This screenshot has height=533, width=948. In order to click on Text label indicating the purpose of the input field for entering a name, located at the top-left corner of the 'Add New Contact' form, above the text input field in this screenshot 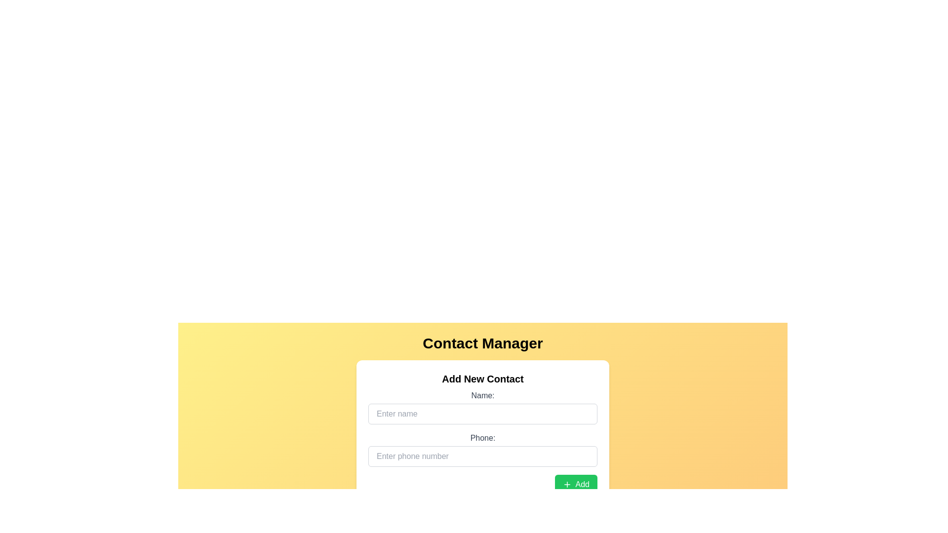, I will do `click(483, 395)`.